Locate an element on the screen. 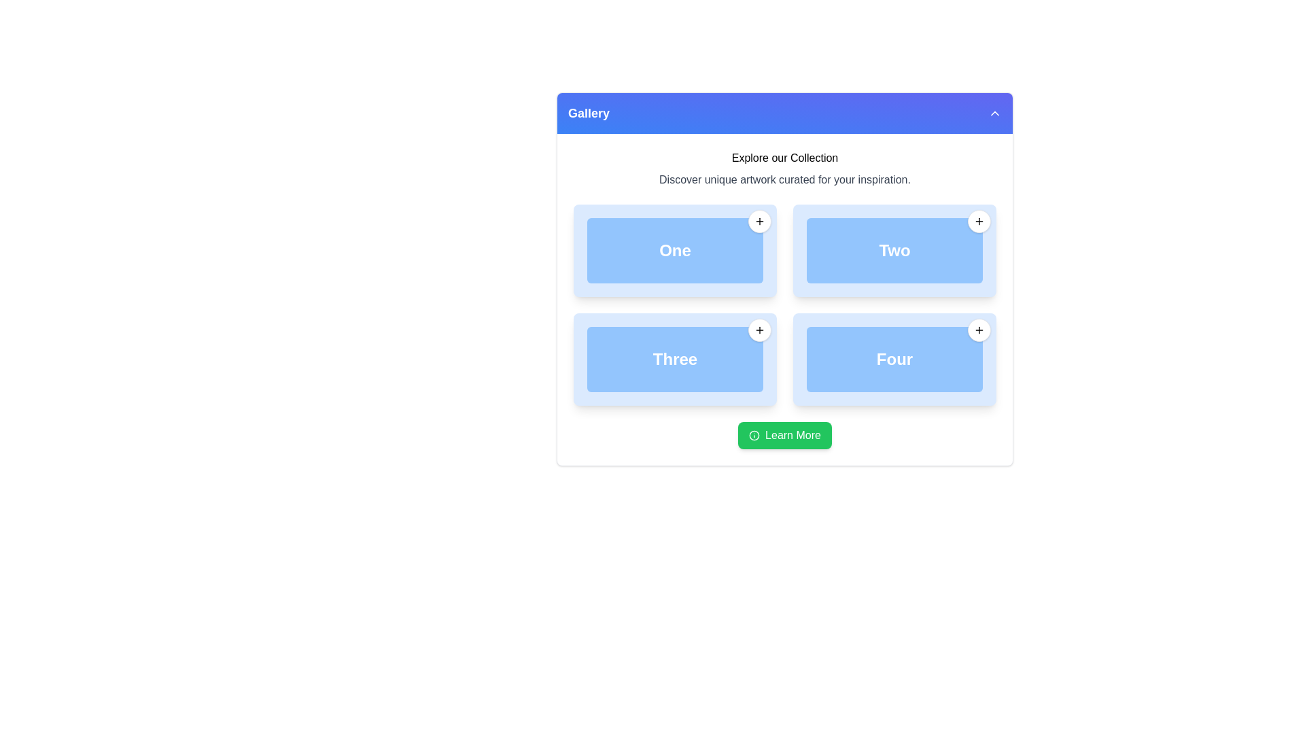 The height and width of the screenshot is (734, 1305). the circular button with a white background and a black plus icon located in the top-right corner of the card labeled 'Four' is located at coordinates (979, 330).